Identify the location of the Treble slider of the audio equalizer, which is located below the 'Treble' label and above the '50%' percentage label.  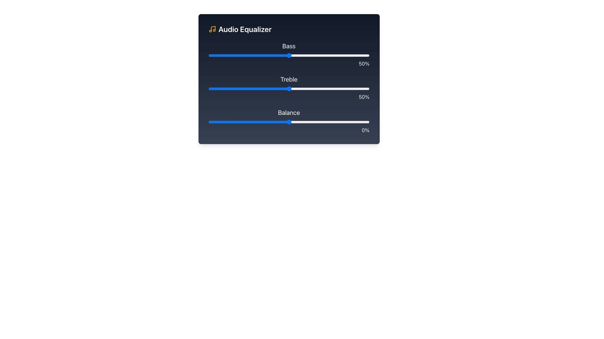
(288, 89).